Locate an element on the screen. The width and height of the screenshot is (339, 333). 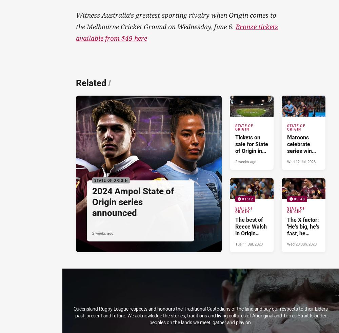
'Witness Australia's greatest sporting rivalry when Origin comes to the Melbourne Cricket Ground on Wednesday, June 6.' is located at coordinates (176, 20).